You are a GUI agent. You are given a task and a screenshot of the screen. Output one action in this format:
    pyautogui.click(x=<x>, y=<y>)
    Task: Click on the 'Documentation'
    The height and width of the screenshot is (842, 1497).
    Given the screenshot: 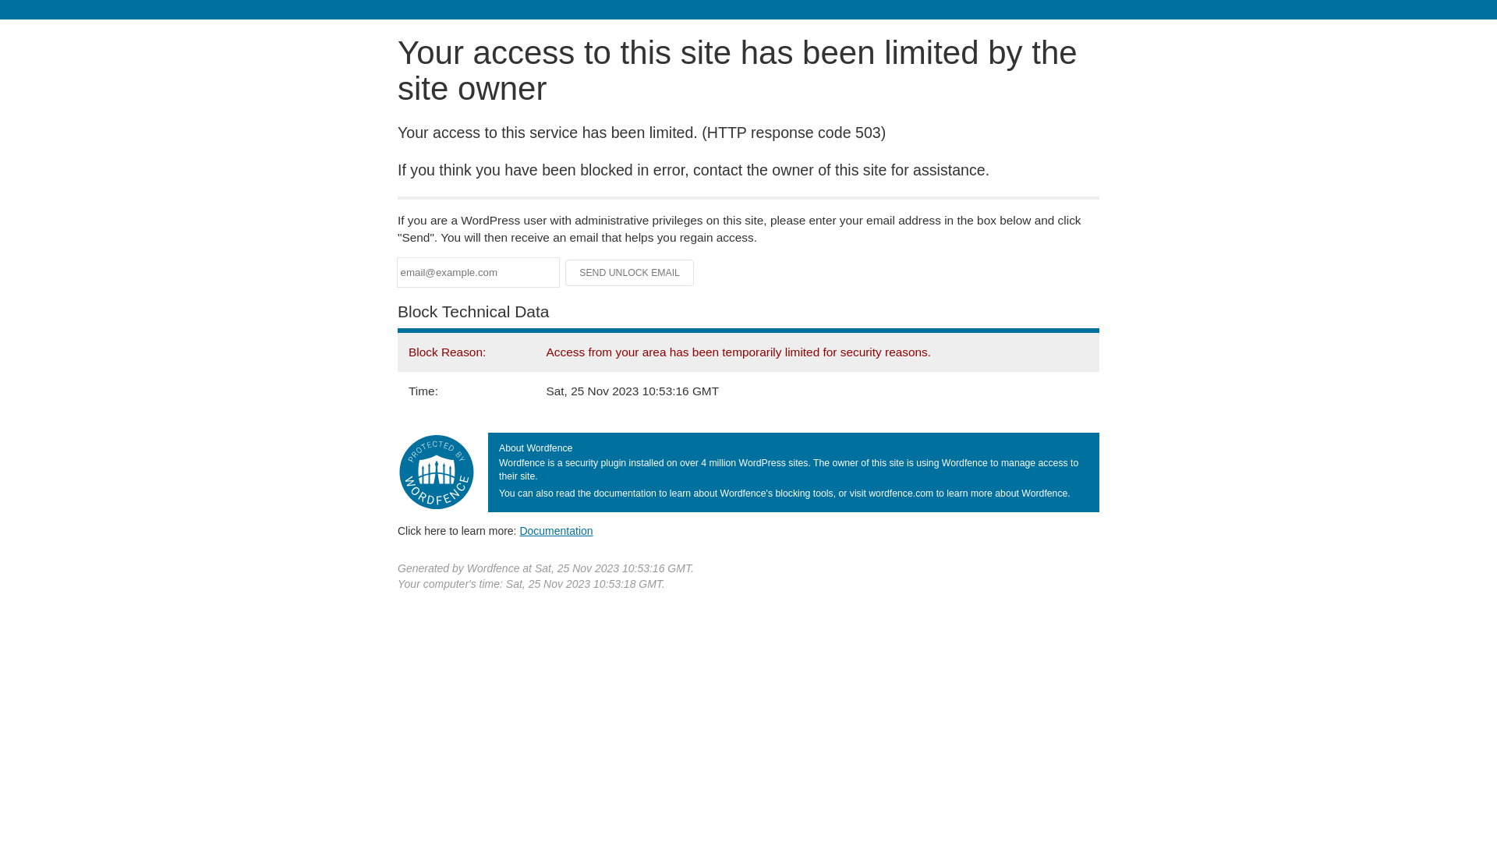 What is the action you would take?
    pyautogui.click(x=556, y=530)
    